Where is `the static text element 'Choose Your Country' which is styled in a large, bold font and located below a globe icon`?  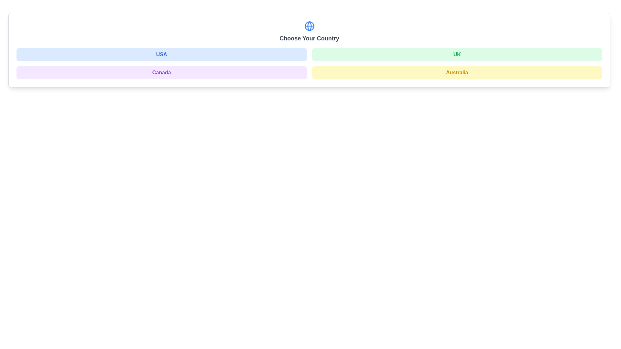 the static text element 'Choose Your Country' which is styled in a large, bold font and located below a globe icon is located at coordinates (309, 38).